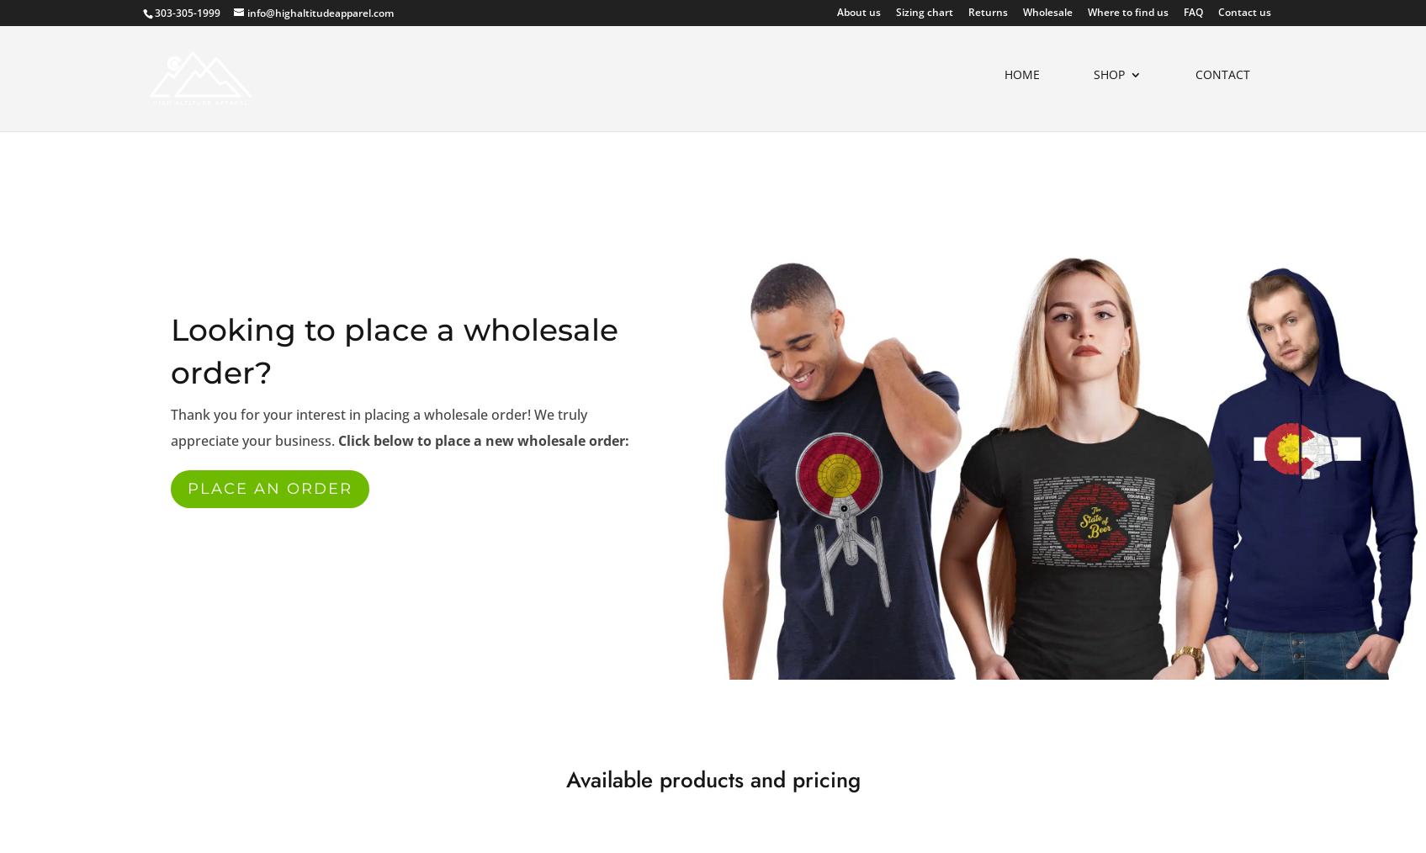 Image resolution: width=1426 pixels, height=853 pixels. I want to click on 'Contact', so click(1194, 82).